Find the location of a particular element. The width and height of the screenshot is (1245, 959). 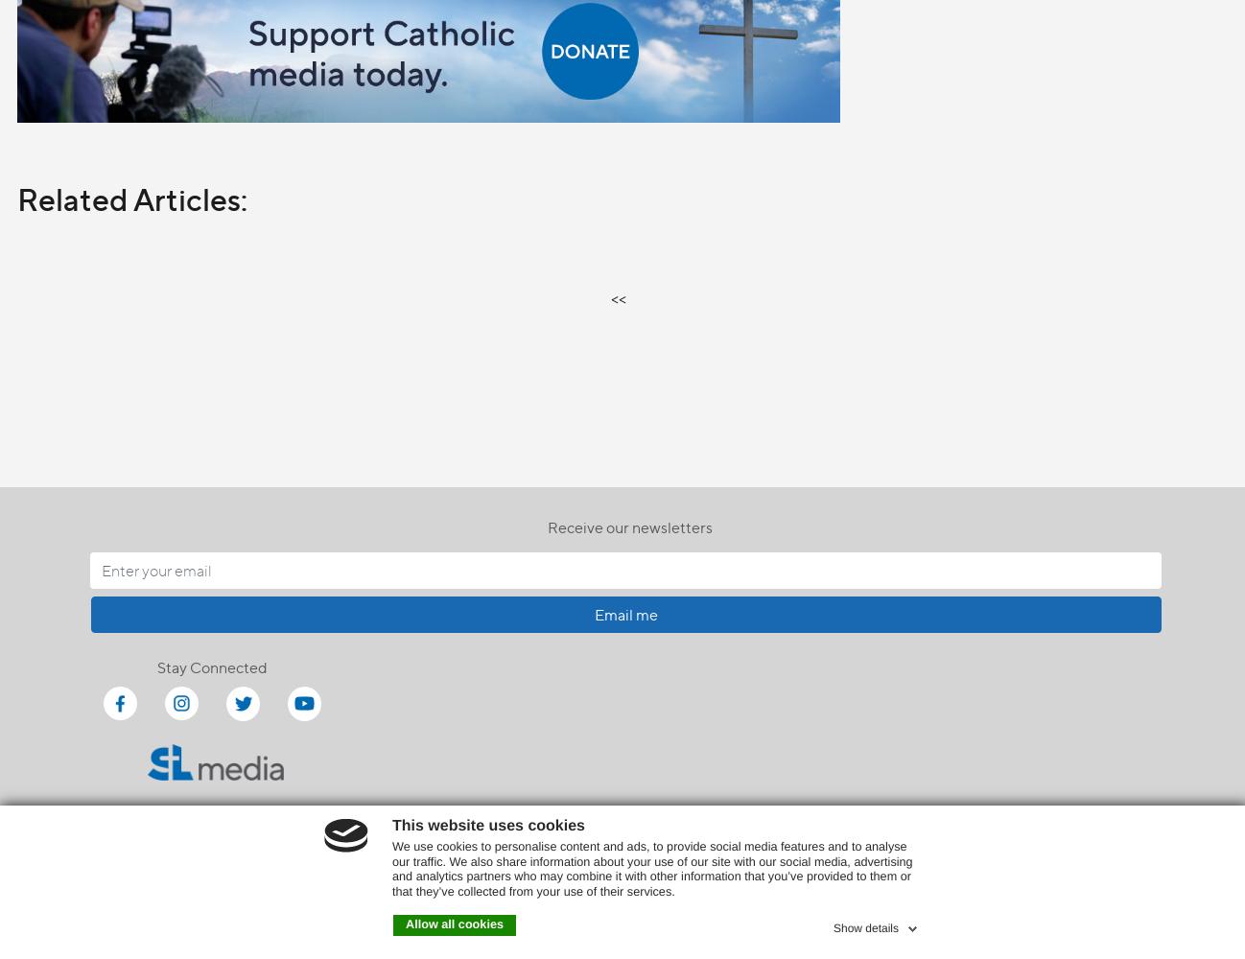

'Registered Charity # 88523 6000 RR0001' is located at coordinates (622, 905).